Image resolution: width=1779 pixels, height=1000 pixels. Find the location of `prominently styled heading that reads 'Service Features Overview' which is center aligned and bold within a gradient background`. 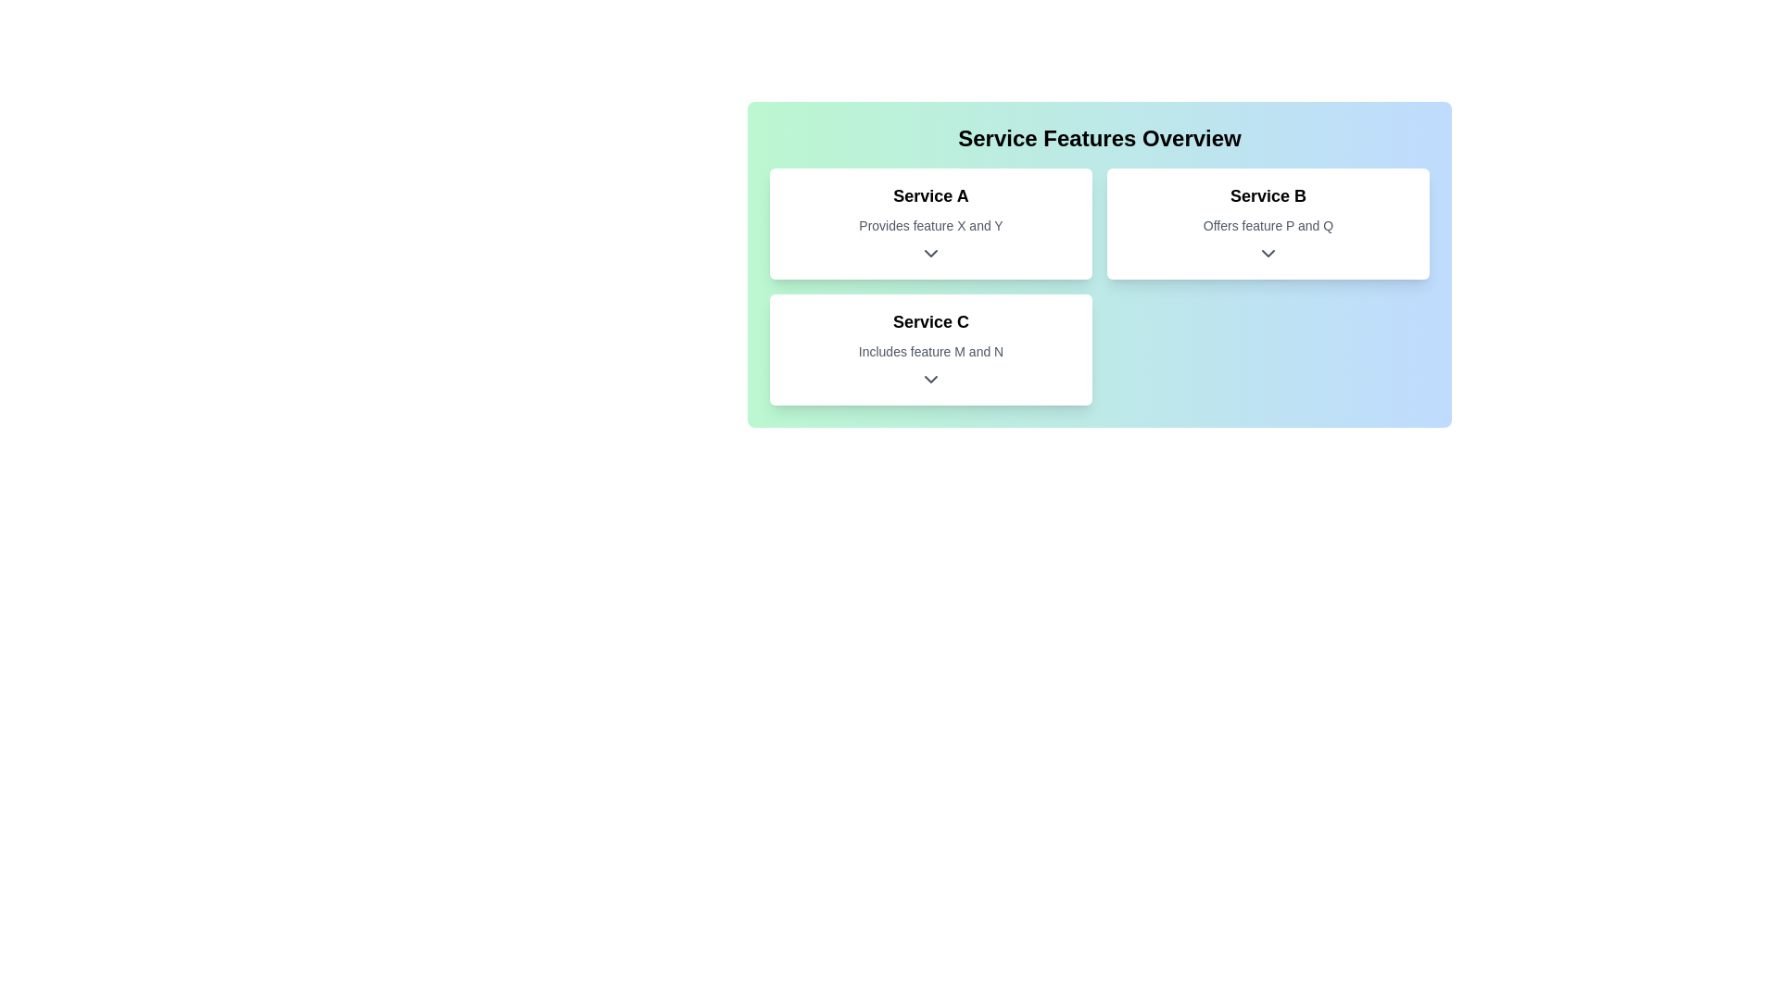

prominently styled heading that reads 'Service Features Overview' which is center aligned and bold within a gradient background is located at coordinates (1099, 138).